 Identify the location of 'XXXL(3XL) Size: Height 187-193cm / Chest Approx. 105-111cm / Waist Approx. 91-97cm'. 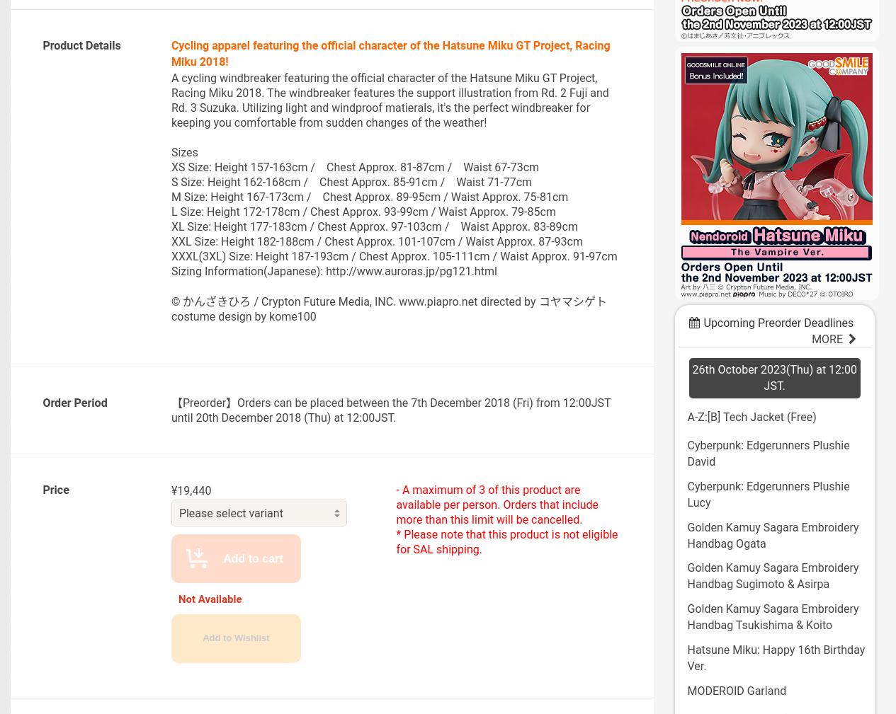
(170, 255).